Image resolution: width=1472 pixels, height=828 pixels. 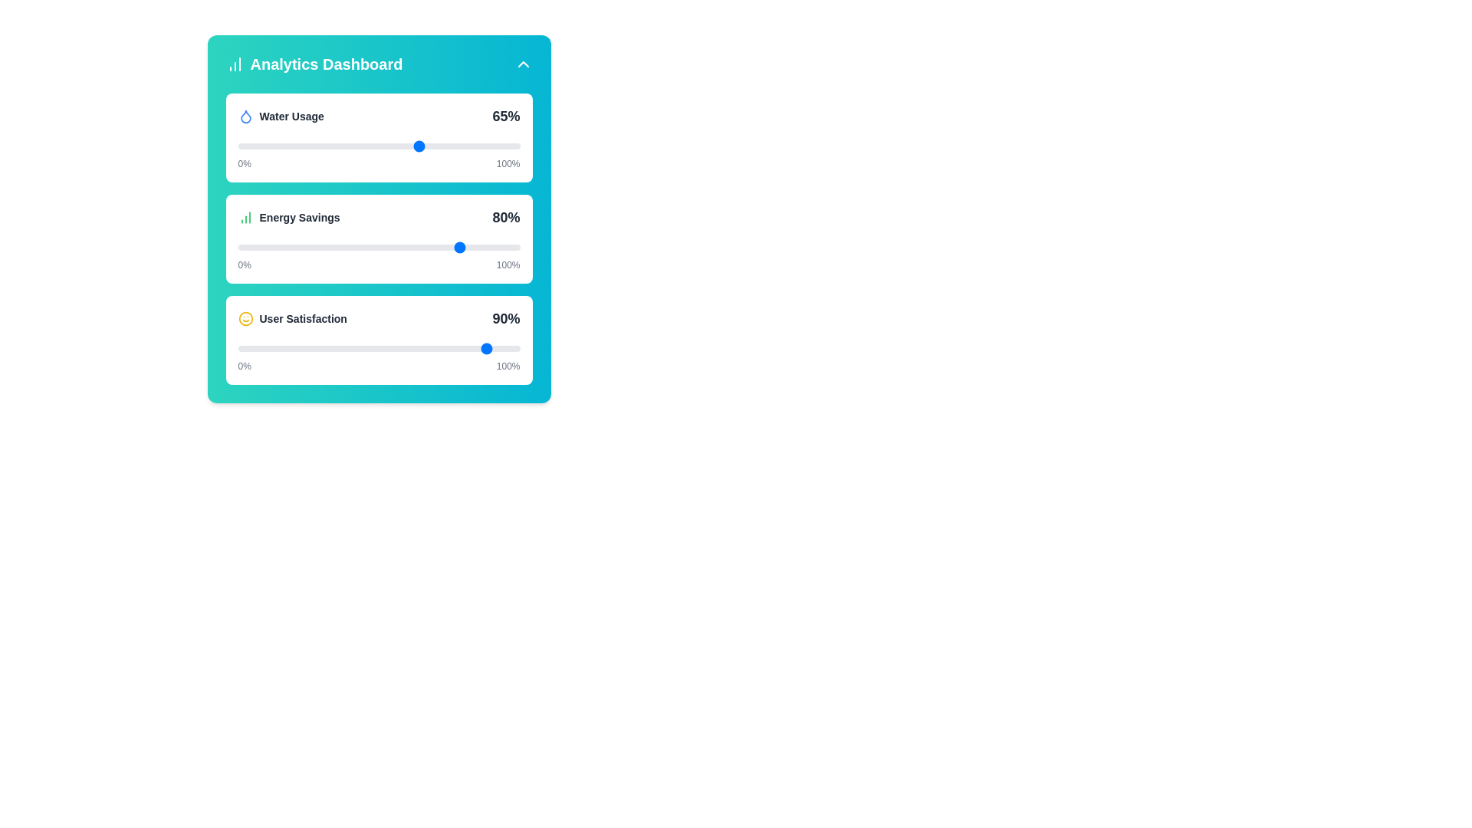 What do you see at coordinates (429, 146) in the screenshot?
I see `the water usage slider` at bounding box center [429, 146].